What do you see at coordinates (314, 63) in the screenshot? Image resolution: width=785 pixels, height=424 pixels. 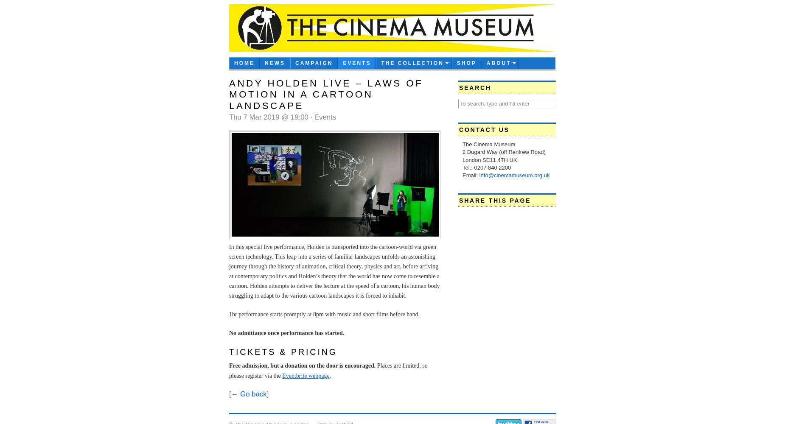 I see `'CAMPAIGN'` at bounding box center [314, 63].